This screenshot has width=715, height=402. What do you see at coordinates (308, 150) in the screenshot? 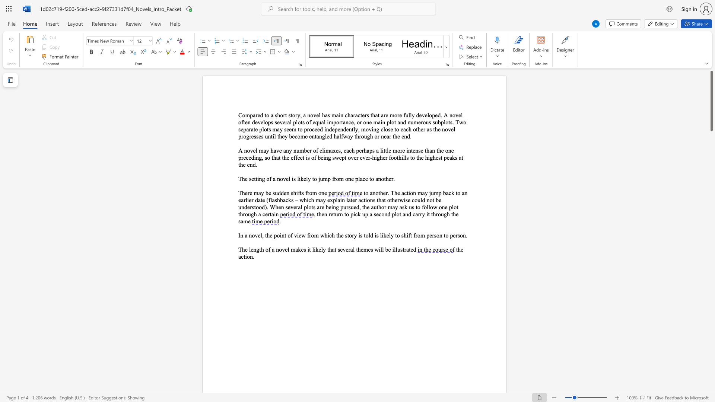
I see `the 3th character "e" in the text` at bounding box center [308, 150].